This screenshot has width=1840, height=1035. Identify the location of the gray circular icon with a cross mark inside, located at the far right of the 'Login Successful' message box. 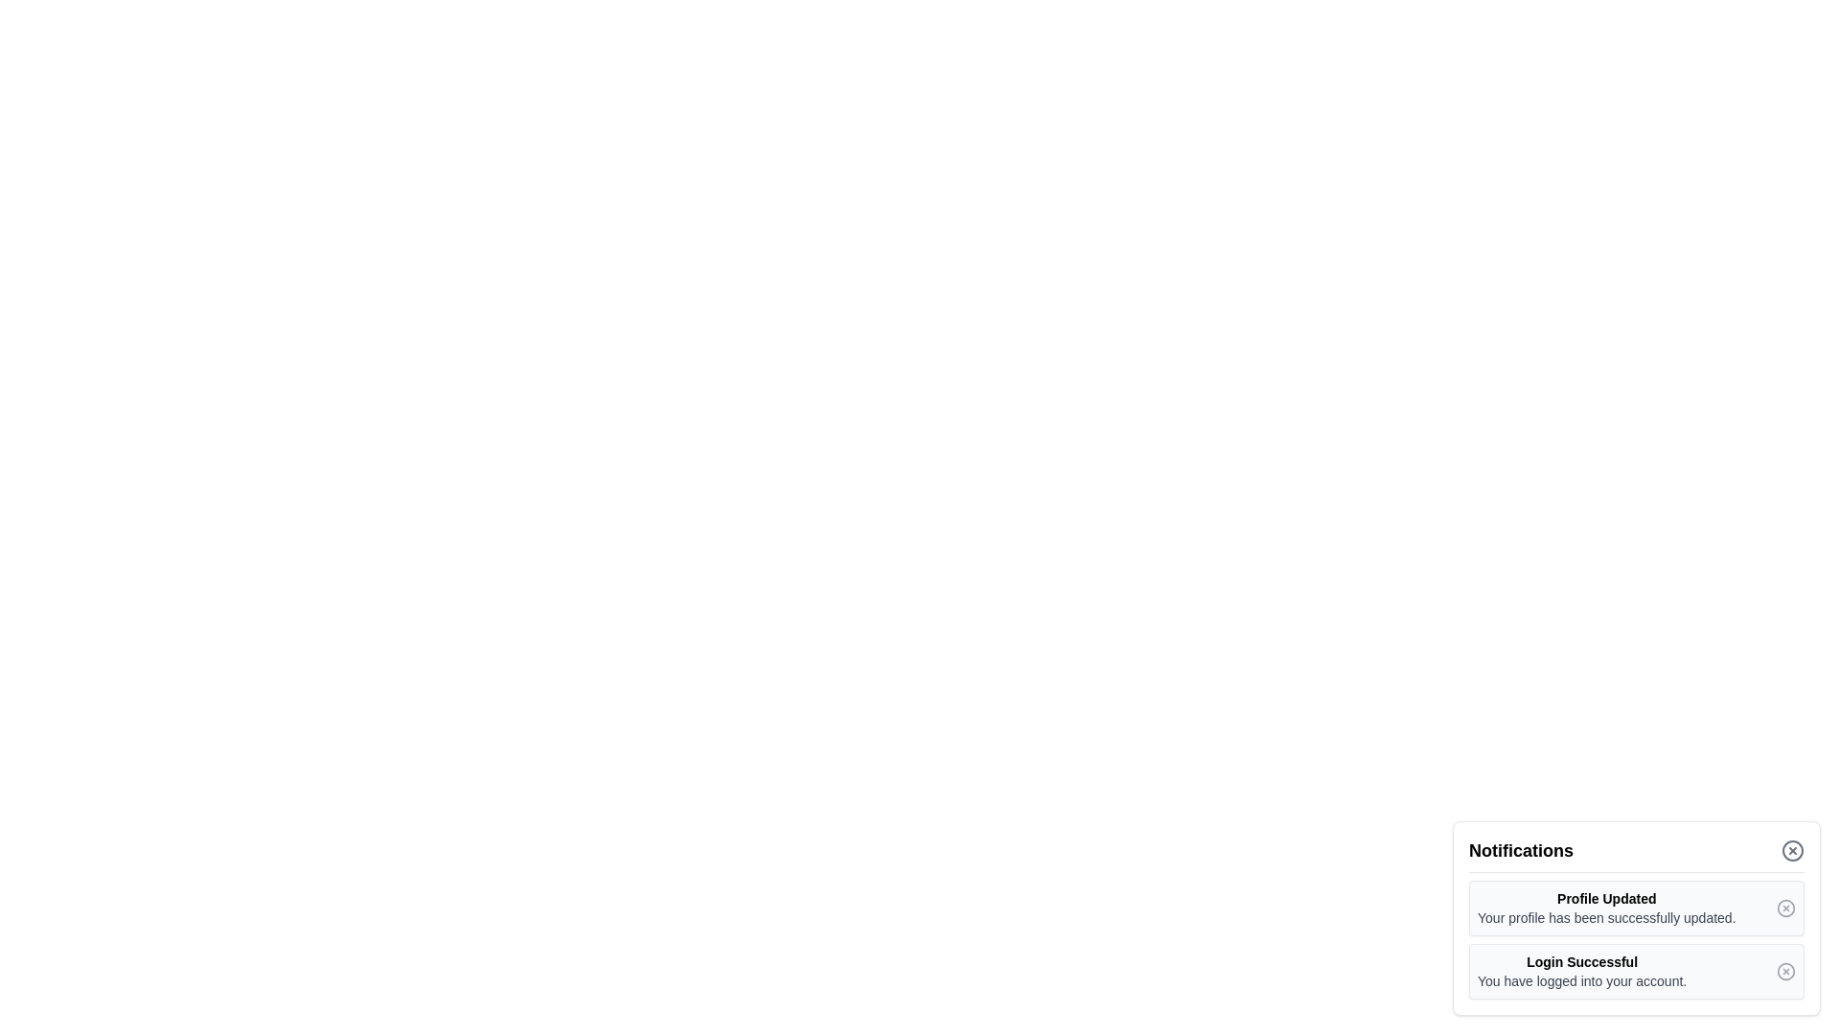
(1784, 972).